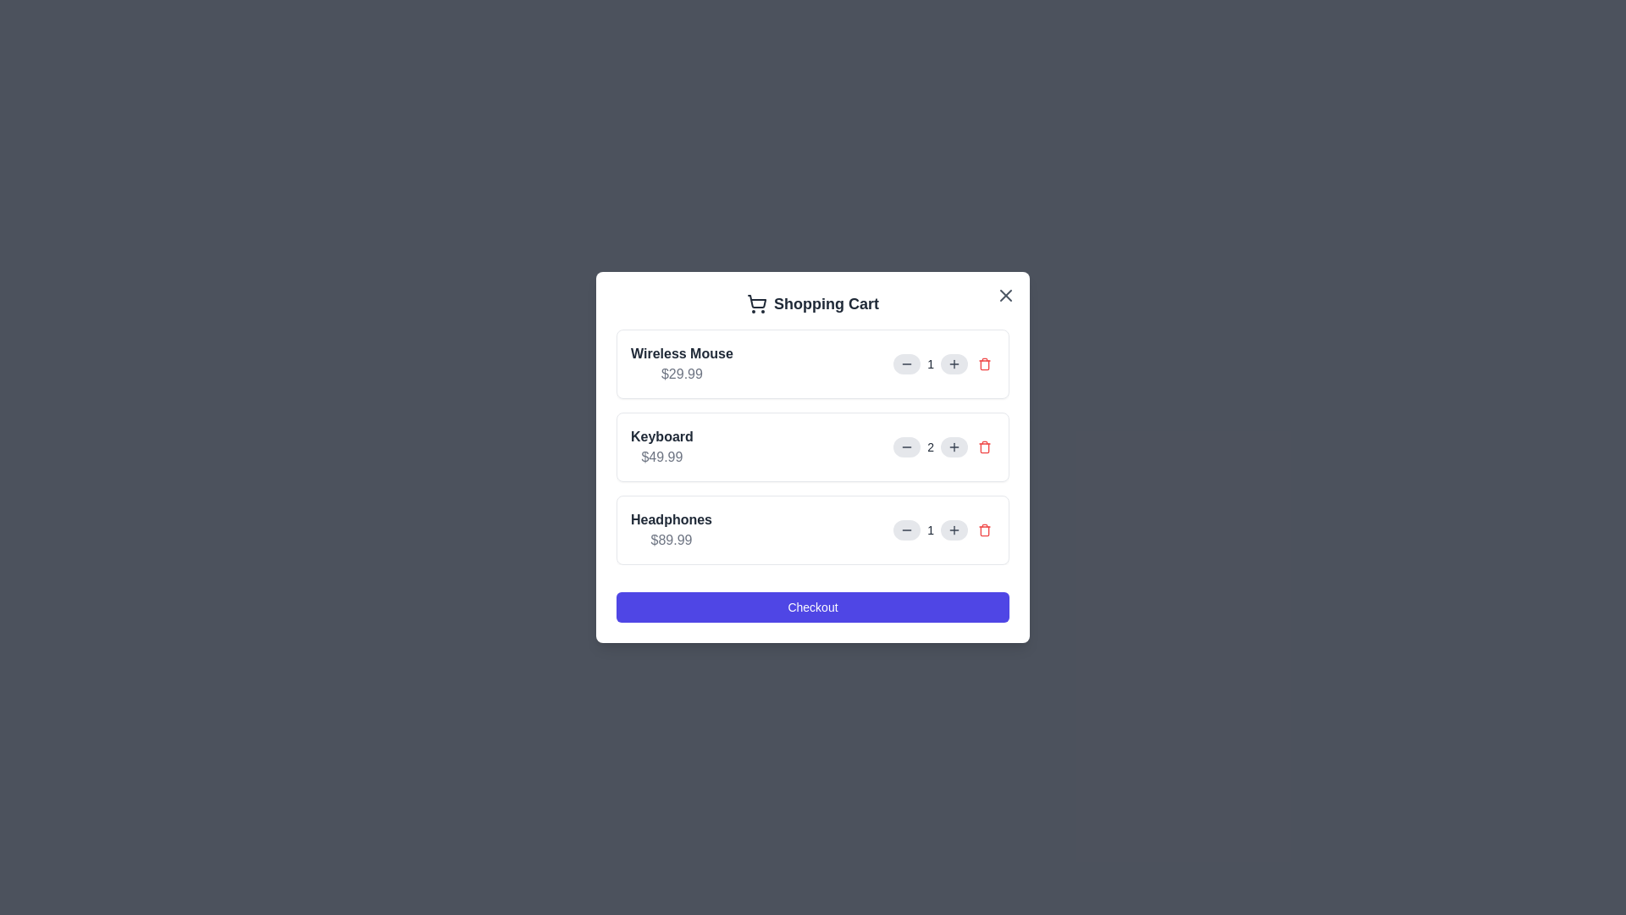 The image size is (1626, 915). Describe the element at coordinates (984, 363) in the screenshot. I see `the red trash can icon button, which is located at the far right end of the 'Wireless Mouse' row in the shopping cart` at that location.